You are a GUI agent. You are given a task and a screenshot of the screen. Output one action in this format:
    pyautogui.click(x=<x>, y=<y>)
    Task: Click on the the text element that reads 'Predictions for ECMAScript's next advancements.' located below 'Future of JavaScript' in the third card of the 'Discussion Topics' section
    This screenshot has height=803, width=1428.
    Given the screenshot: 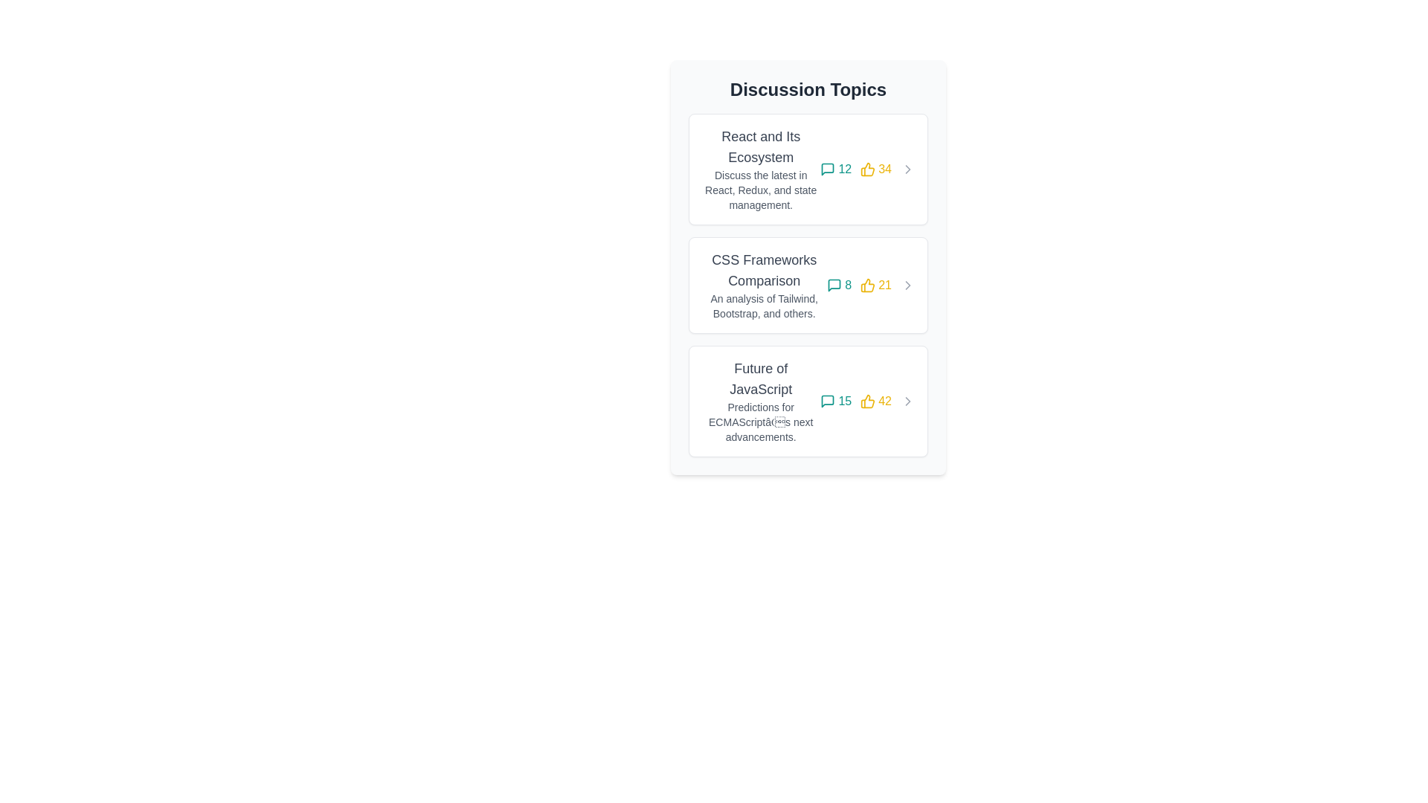 What is the action you would take?
    pyautogui.click(x=761, y=422)
    